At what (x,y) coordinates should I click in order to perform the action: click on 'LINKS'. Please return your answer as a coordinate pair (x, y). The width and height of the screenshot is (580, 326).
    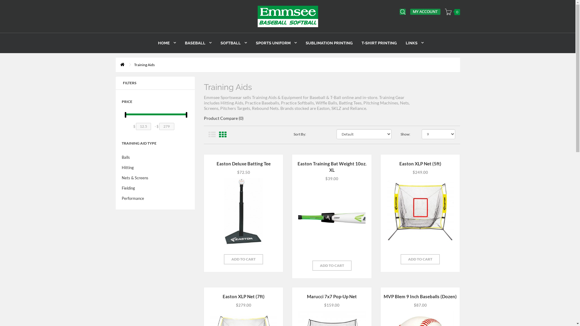
    Looking at the image, I should click on (411, 43).